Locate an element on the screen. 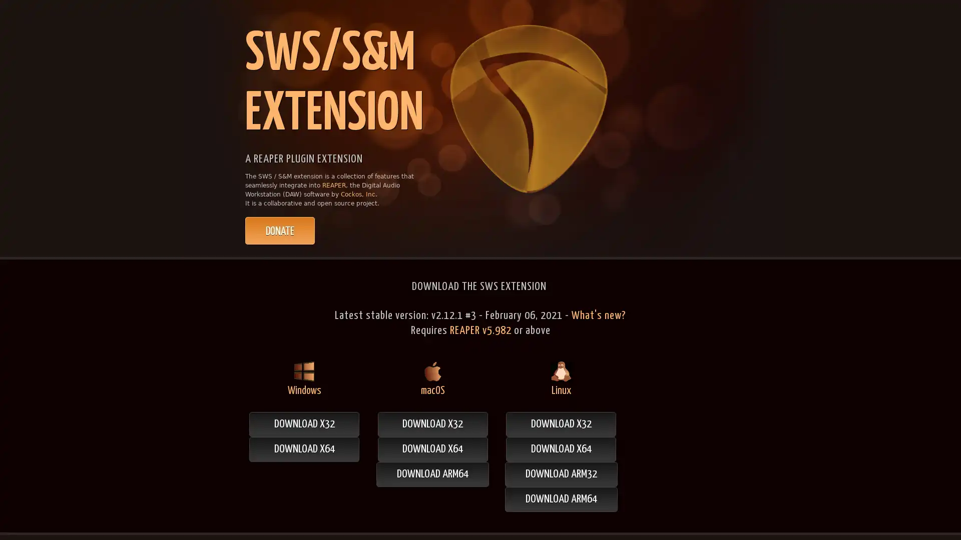 This screenshot has height=540, width=961. DOWNLOAD X32 is located at coordinates (480, 424).